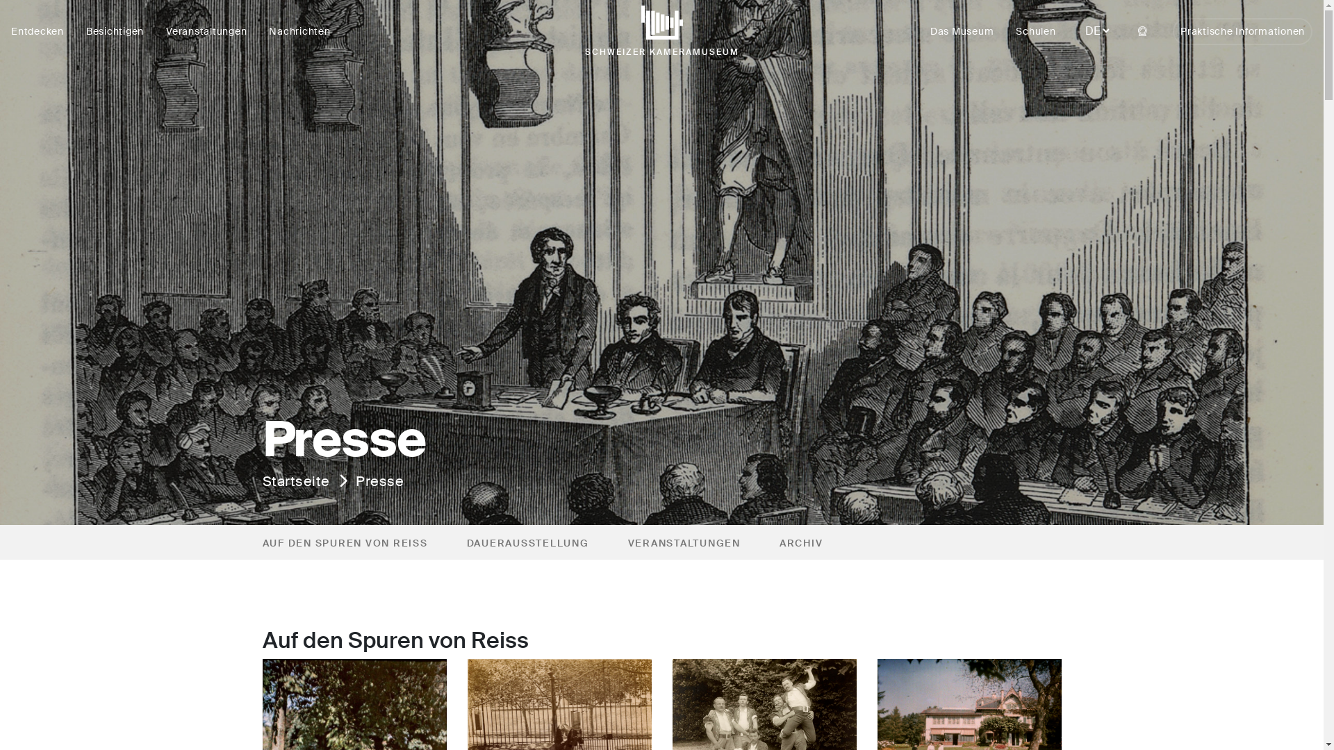 This screenshot has height=750, width=1334. What do you see at coordinates (1242, 31) in the screenshot?
I see `'Praktische Informationen'` at bounding box center [1242, 31].